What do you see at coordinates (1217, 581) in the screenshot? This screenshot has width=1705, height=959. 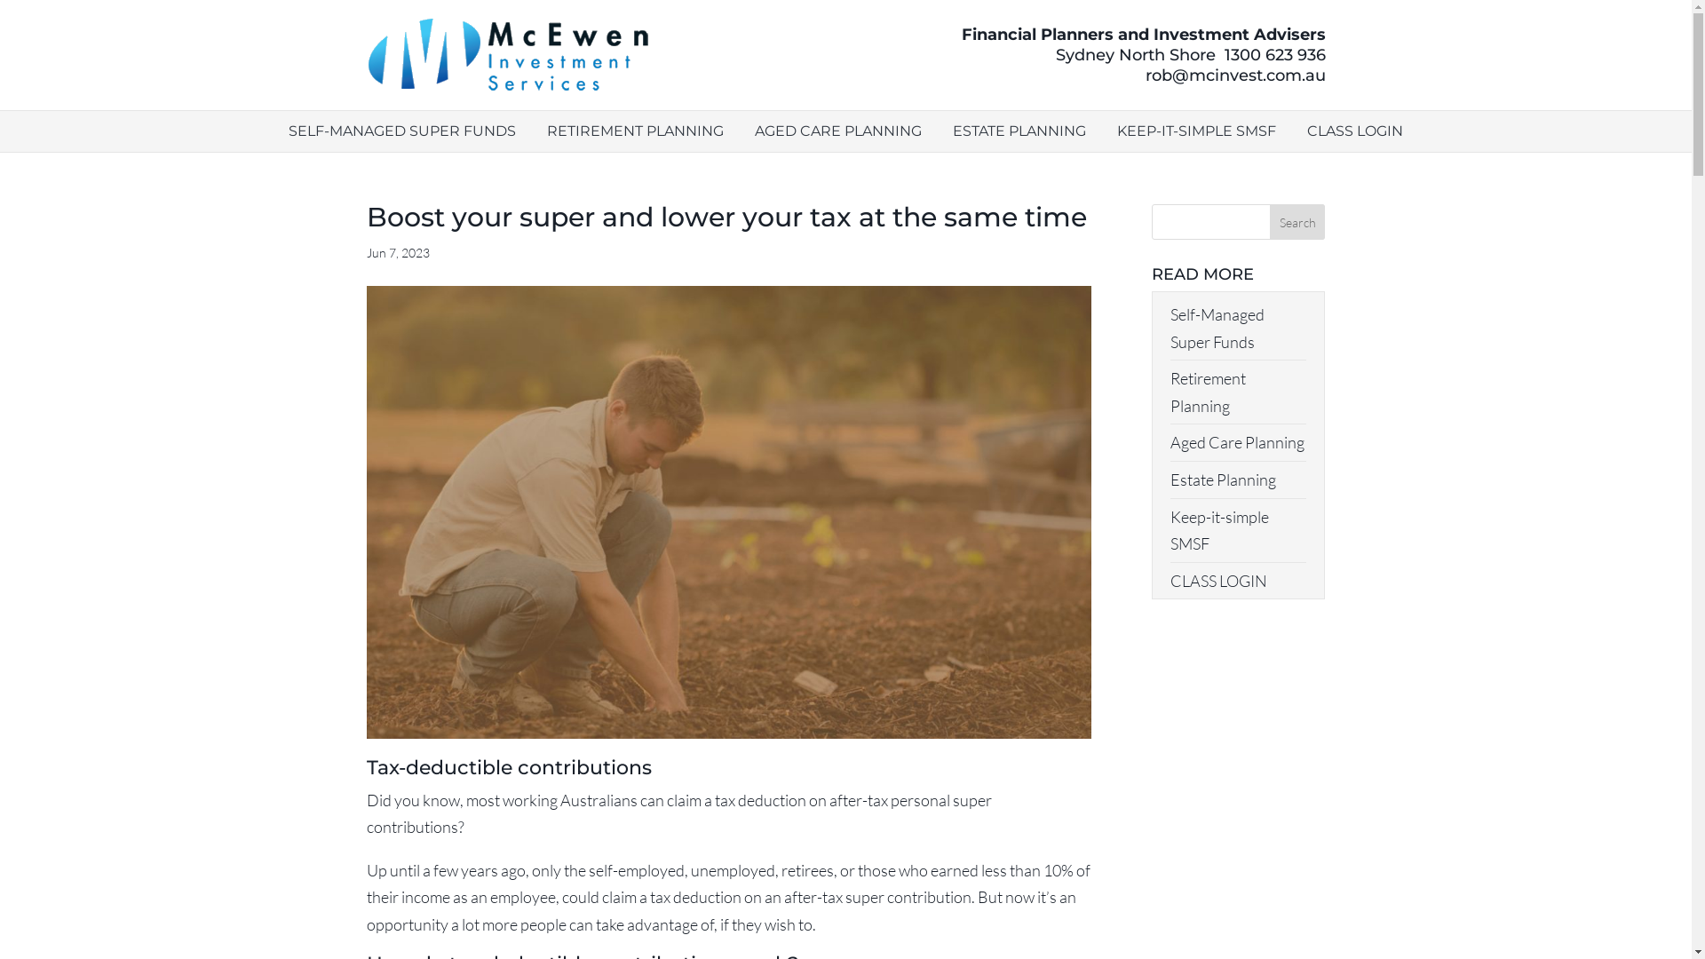 I see `'CLASS LOGIN'` at bounding box center [1217, 581].